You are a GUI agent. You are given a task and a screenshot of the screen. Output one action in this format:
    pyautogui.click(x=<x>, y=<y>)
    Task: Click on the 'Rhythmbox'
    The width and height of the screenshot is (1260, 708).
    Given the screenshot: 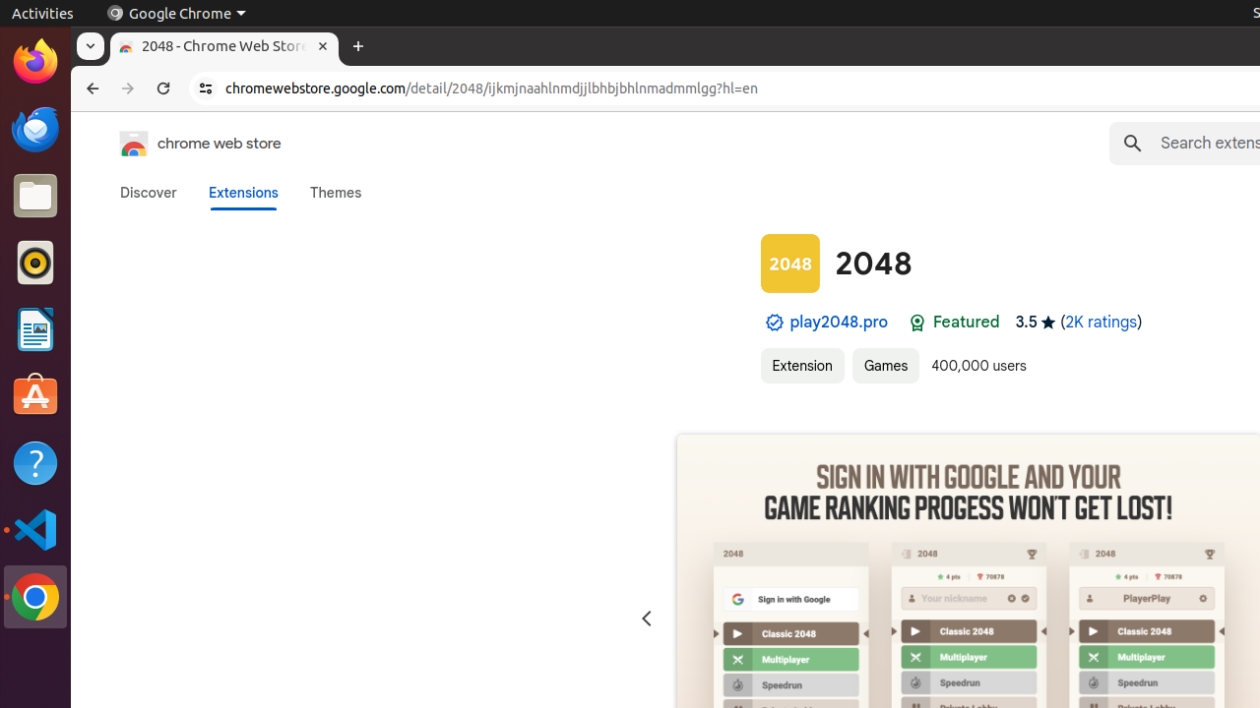 What is the action you would take?
    pyautogui.click(x=34, y=261)
    